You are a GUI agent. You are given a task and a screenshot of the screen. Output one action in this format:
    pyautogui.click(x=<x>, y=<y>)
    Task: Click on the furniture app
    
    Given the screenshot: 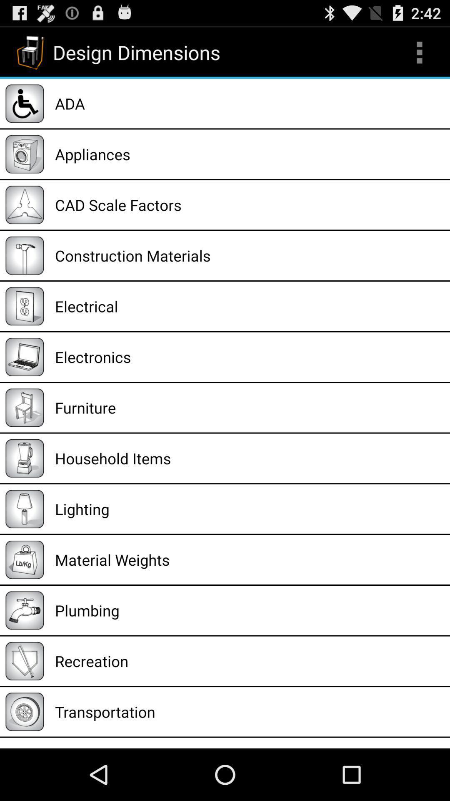 What is the action you would take?
    pyautogui.click(x=249, y=408)
    